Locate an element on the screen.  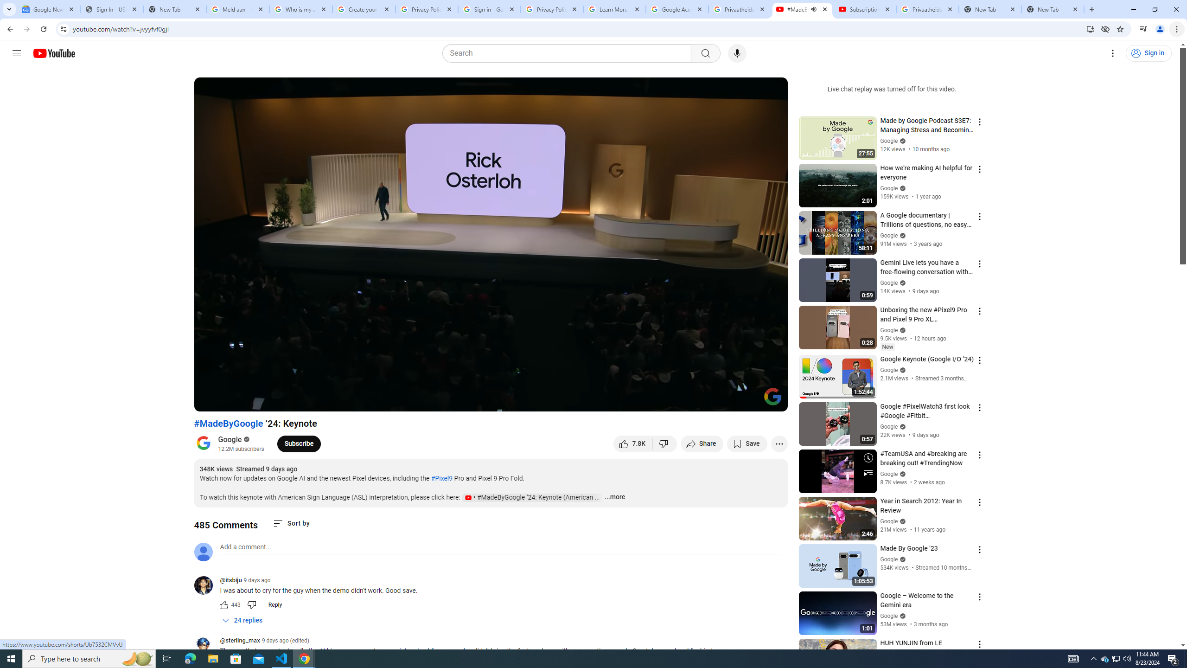
'Google News' is located at coordinates (48, 9).